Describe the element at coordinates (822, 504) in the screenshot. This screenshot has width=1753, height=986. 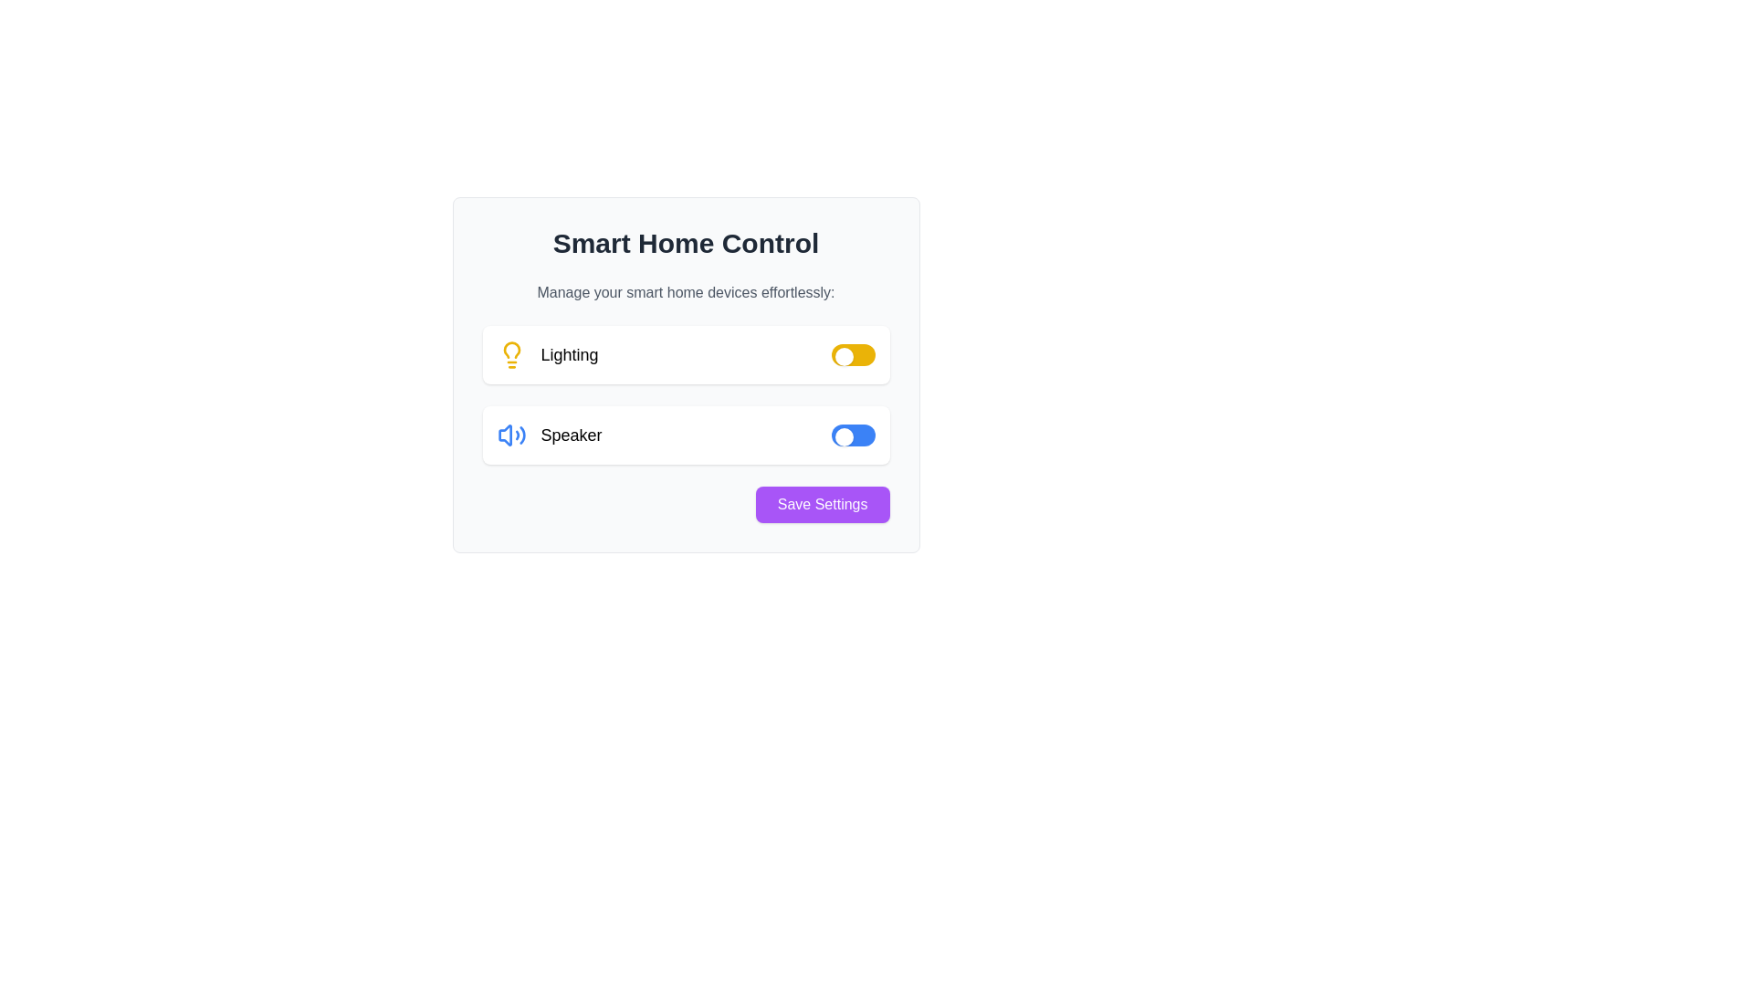
I see `the save button located at the bottom of the Smart Home Control panel` at that location.